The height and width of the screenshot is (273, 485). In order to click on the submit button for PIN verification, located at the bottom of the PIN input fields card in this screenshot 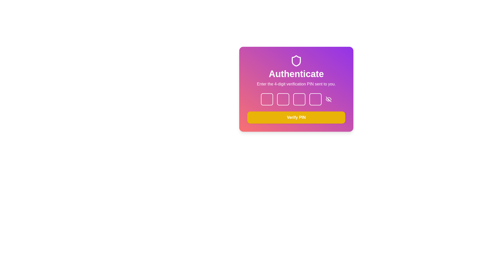, I will do `click(296, 118)`.